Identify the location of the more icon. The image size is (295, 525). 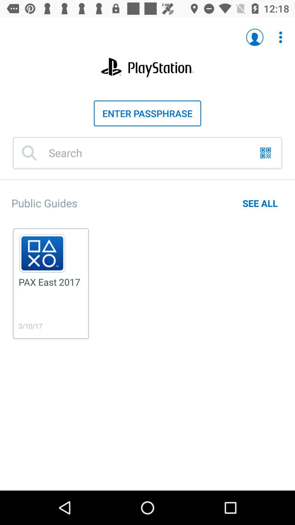
(278, 34).